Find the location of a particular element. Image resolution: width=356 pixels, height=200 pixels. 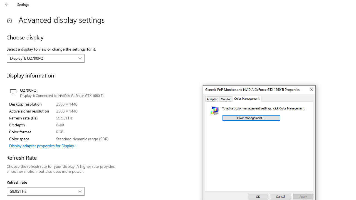

'OK' is located at coordinates (258, 196).